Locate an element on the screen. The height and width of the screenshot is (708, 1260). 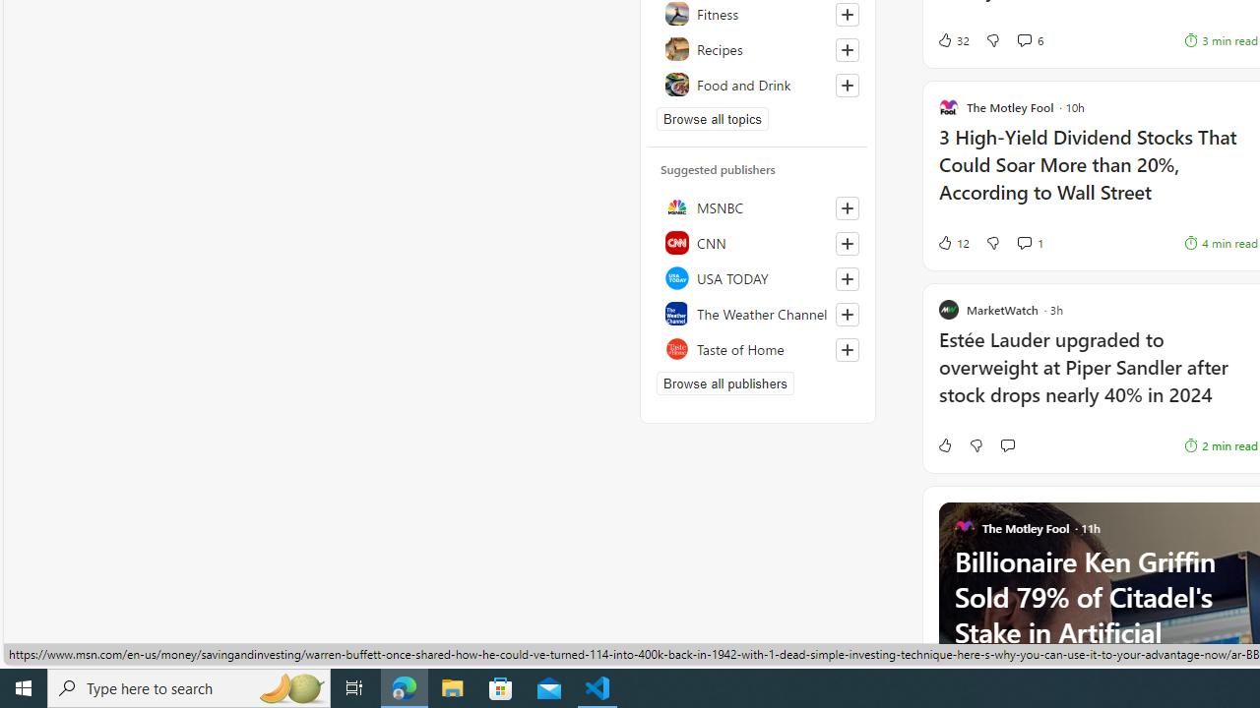
'12 Like' is located at coordinates (953, 241).